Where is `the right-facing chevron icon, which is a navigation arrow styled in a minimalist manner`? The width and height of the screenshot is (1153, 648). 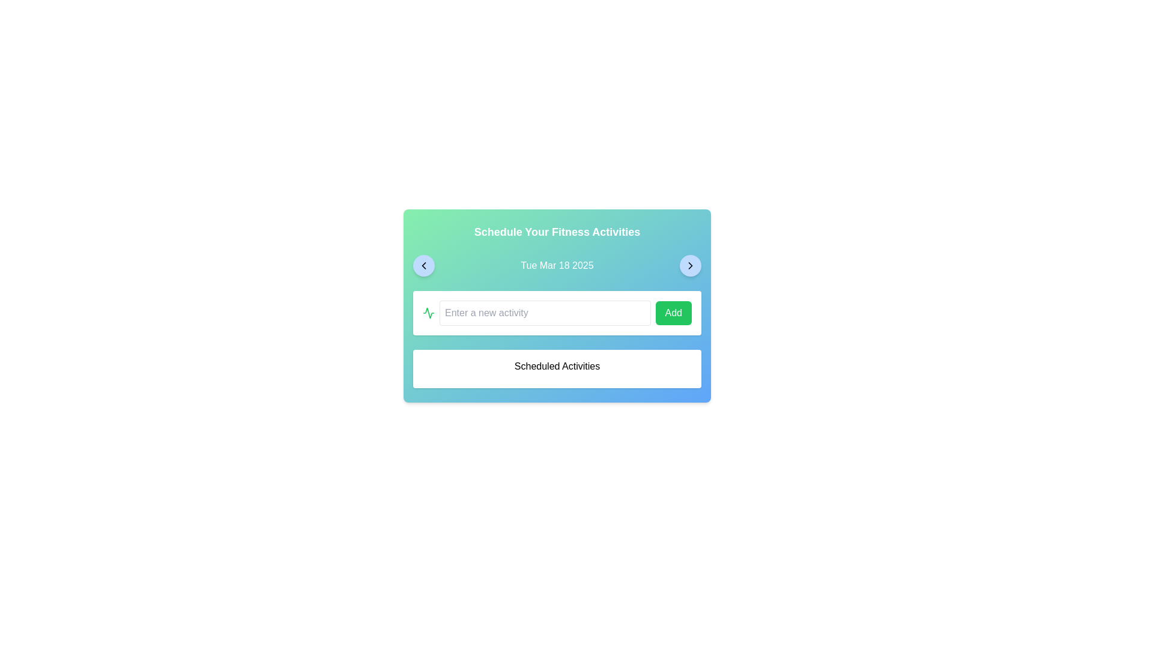
the right-facing chevron icon, which is a navigation arrow styled in a minimalist manner is located at coordinates (691, 265).